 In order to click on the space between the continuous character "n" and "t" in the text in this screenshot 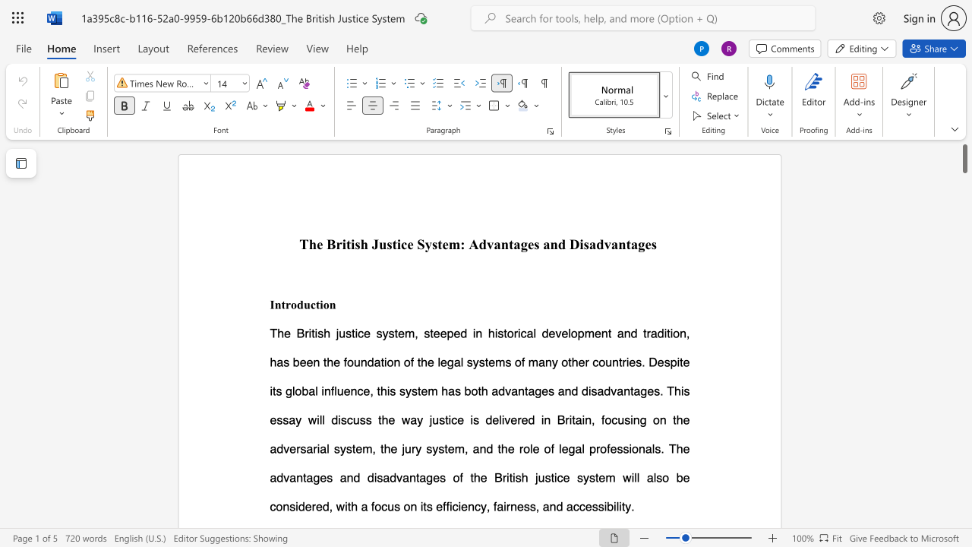, I will do `click(280, 304)`.